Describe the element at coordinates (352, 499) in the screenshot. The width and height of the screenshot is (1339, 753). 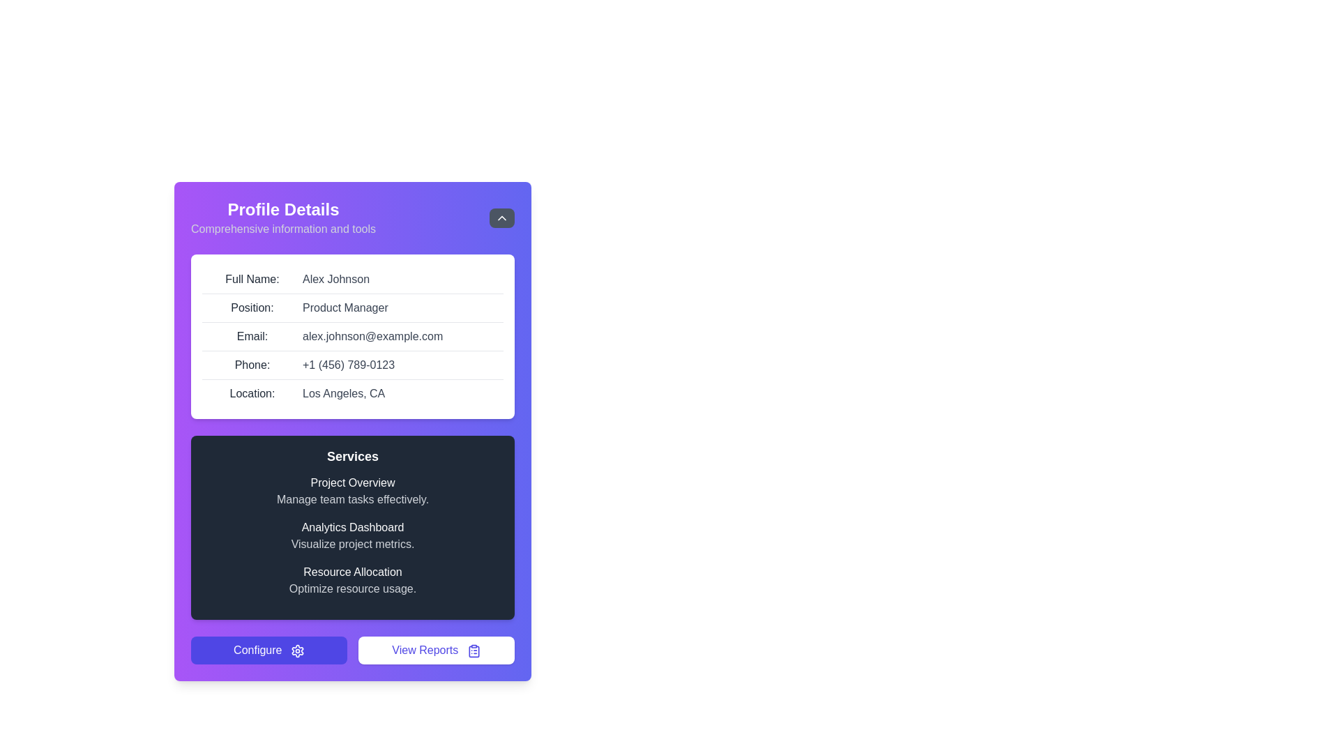
I see `the text display element that reads 'Manage team tasks effectively', which is styled in light gray and positioned under the 'Project Overview' section header` at that location.